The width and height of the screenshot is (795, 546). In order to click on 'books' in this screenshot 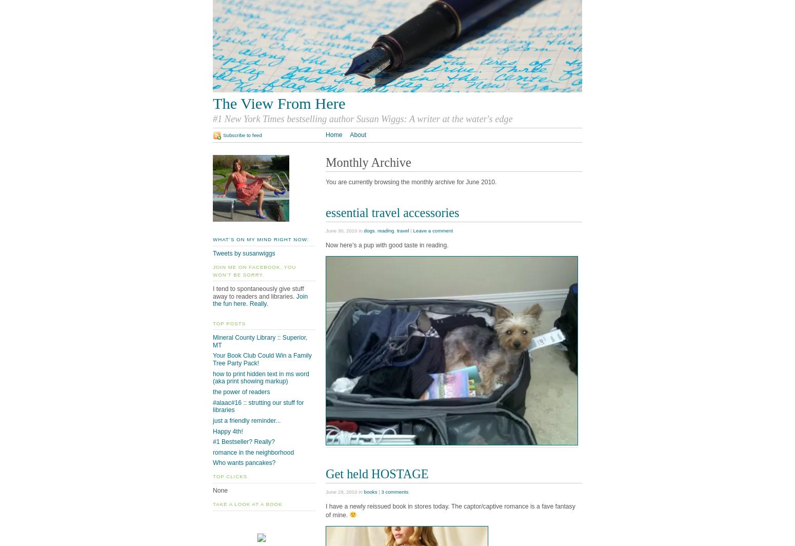, I will do `click(363, 492)`.